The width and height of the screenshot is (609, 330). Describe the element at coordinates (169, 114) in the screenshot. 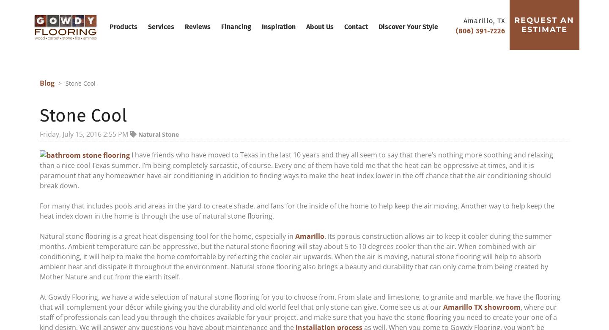

I see `'Laminate'` at that location.